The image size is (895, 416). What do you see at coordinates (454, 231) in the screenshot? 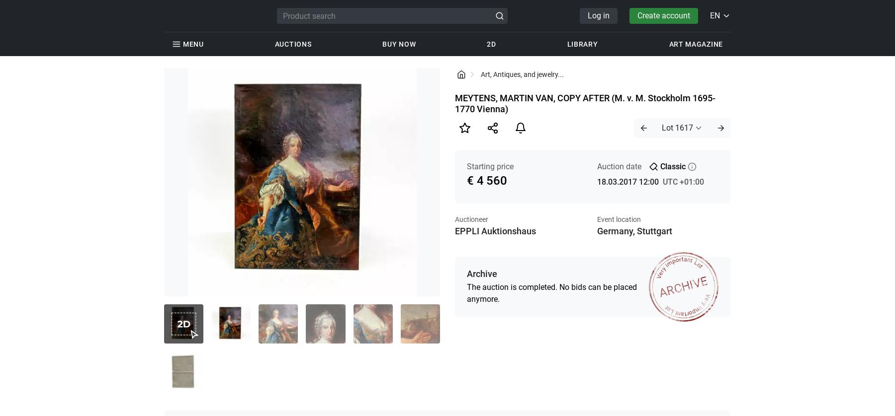
I see `'EPPLI Auktionshaus'` at bounding box center [454, 231].